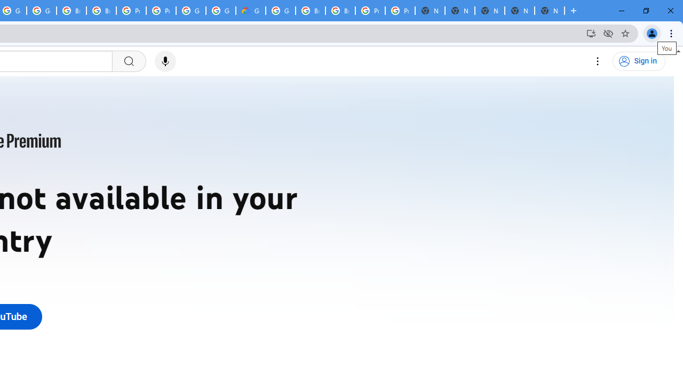 The height and width of the screenshot is (384, 683). What do you see at coordinates (590, 33) in the screenshot?
I see `'Install YouTube'` at bounding box center [590, 33].